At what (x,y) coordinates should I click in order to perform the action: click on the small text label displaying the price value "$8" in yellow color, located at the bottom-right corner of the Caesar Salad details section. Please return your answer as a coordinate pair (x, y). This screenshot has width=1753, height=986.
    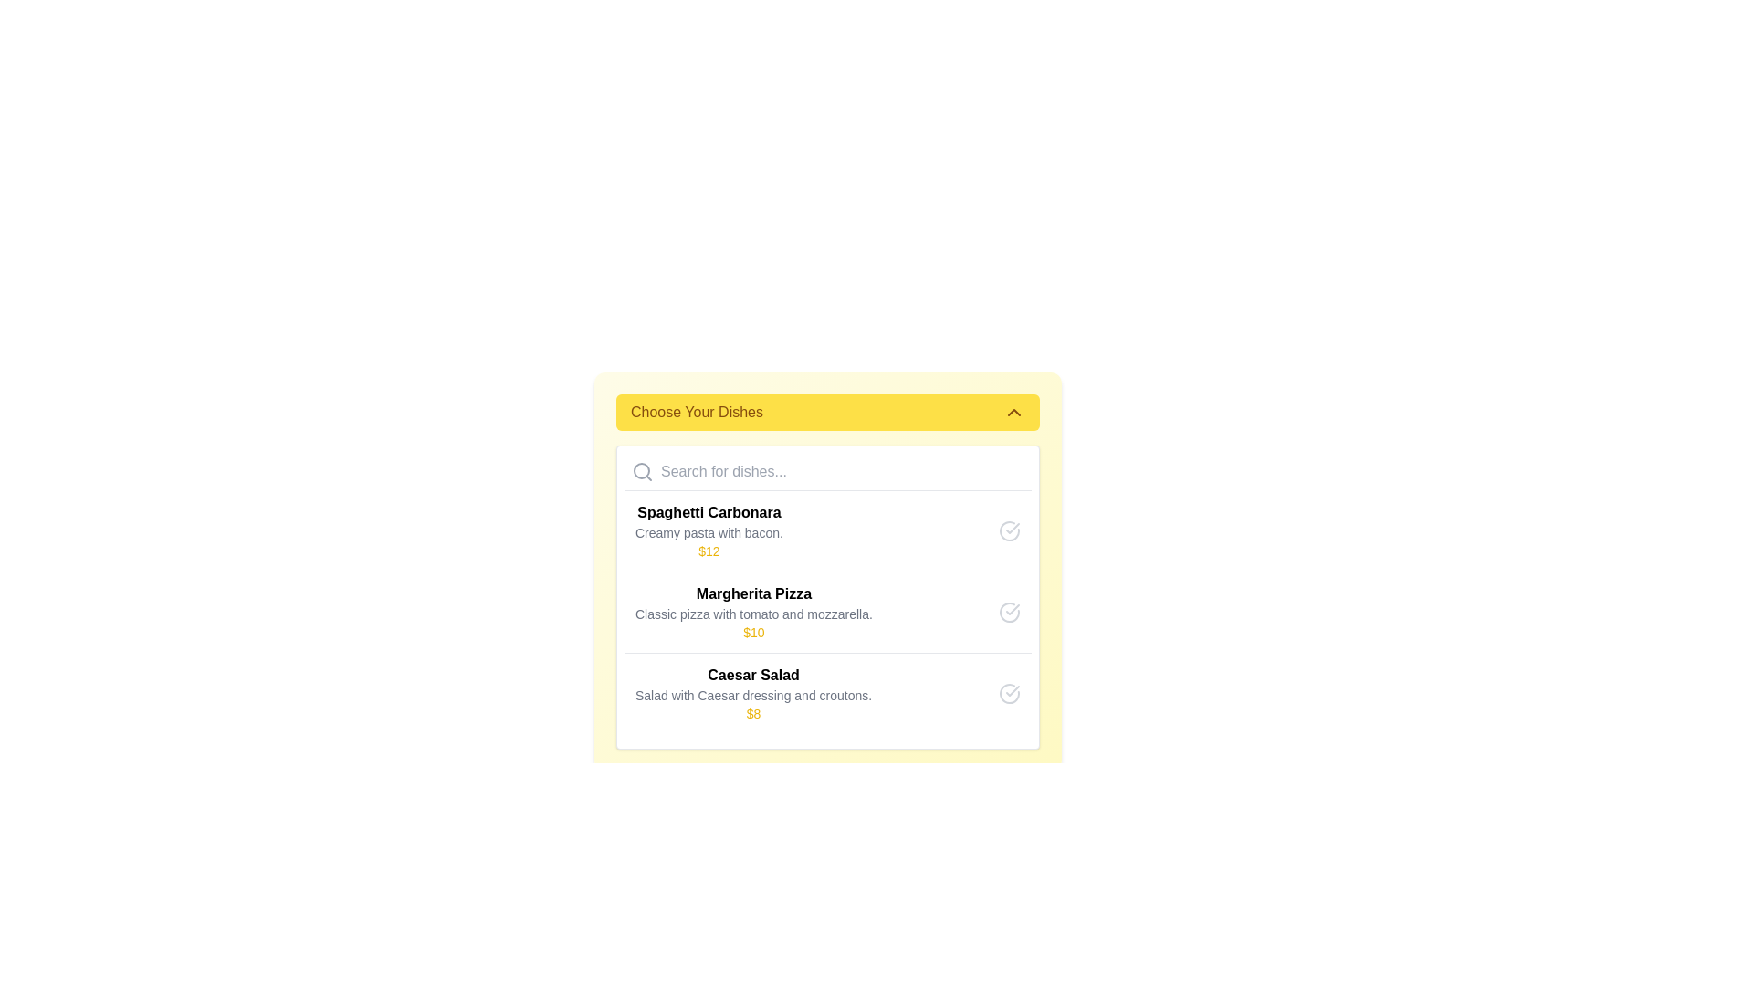
    Looking at the image, I should click on (753, 713).